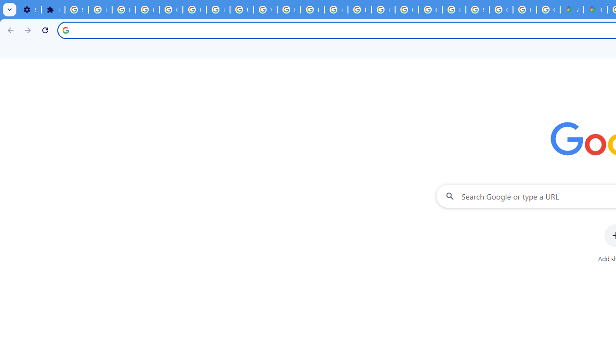  Describe the element at coordinates (52, 10) in the screenshot. I see `'Extensions'` at that location.